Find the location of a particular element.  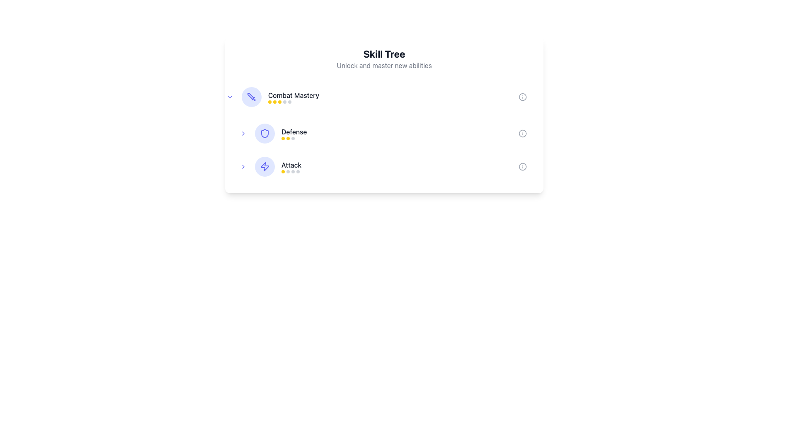

the text label element displaying the word 'Defense', which is the second label in a vertical list of skill categories, located below 'Combat Mastery' and above 'Attack' is located at coordinates (294, 131).